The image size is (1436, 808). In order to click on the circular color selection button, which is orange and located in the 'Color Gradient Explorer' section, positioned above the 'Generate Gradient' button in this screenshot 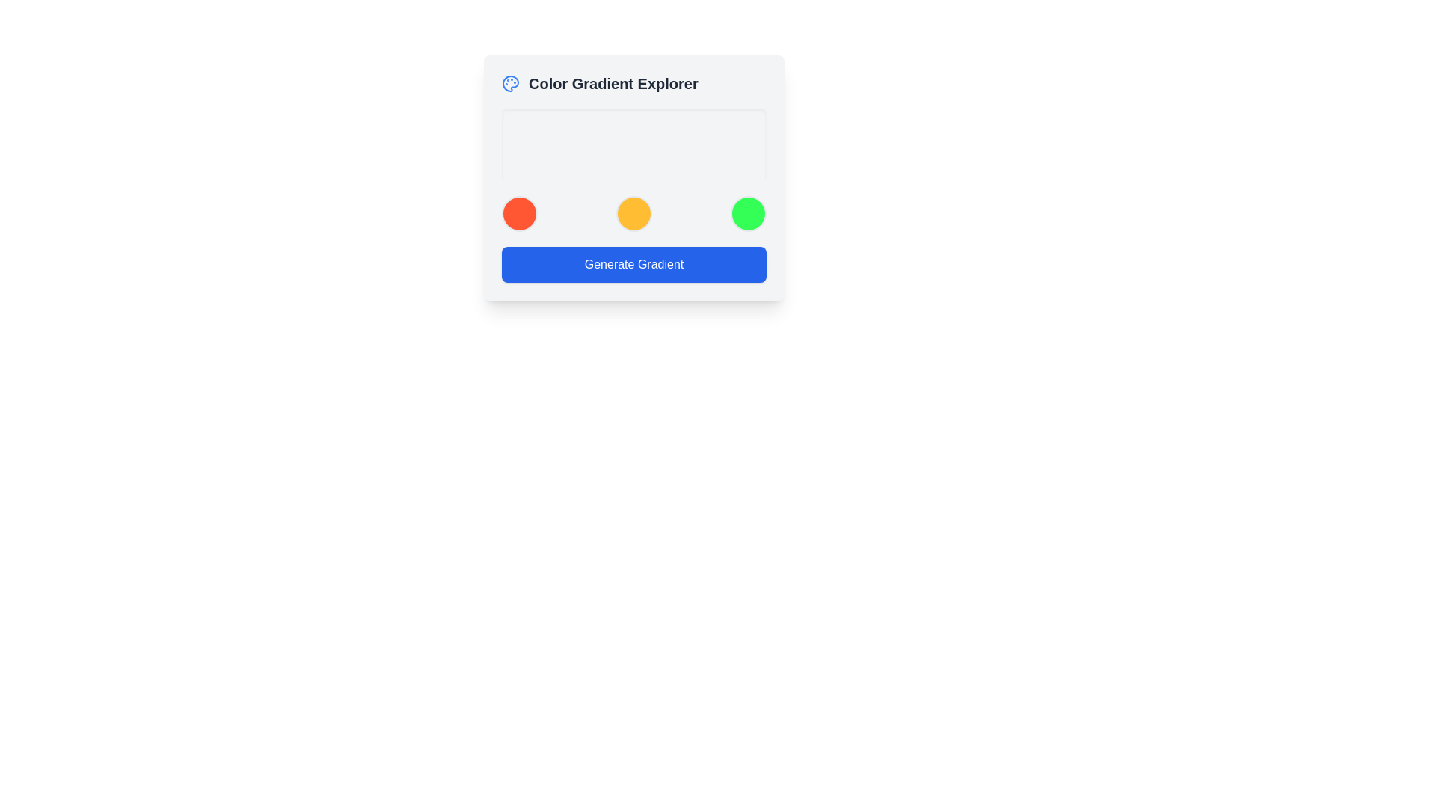, I will do `click(634, 213)`.